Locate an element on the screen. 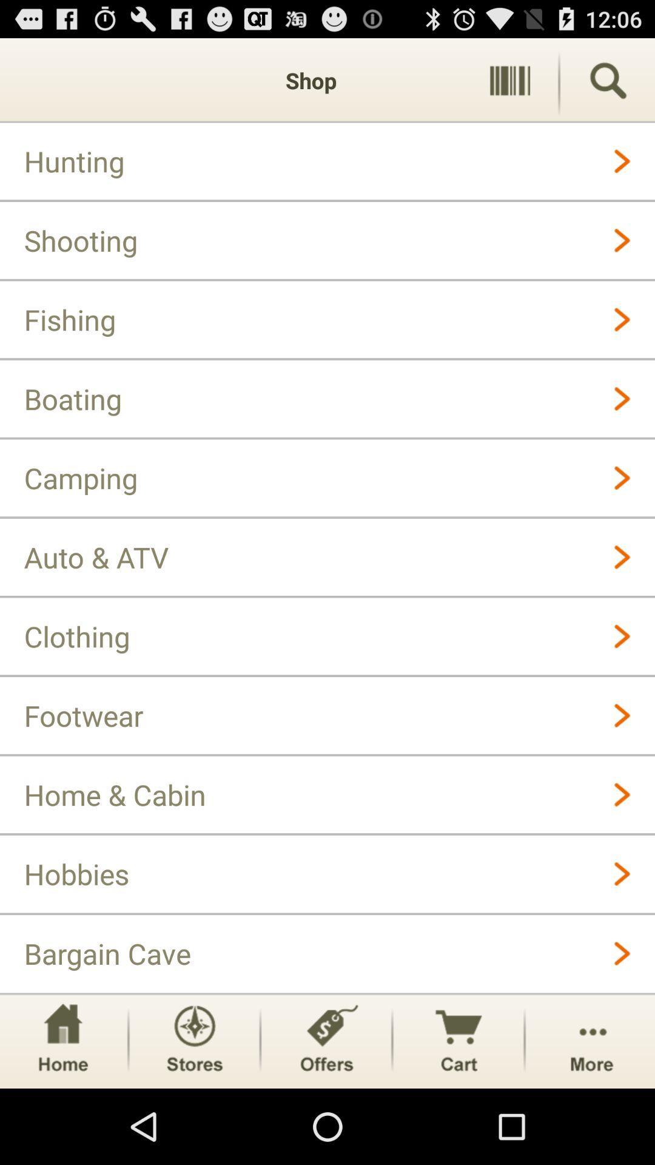 The width and height of the screenshot is (655, 1165). the label icon is located at coordinates (326, 1113).